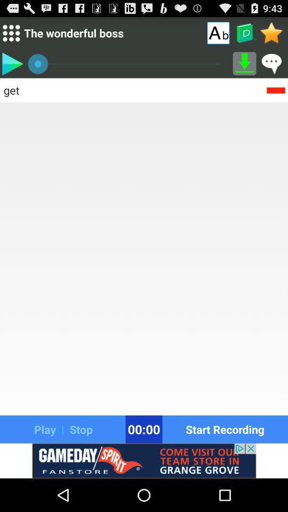  I want to click on click the menu option, so click(11, 33).